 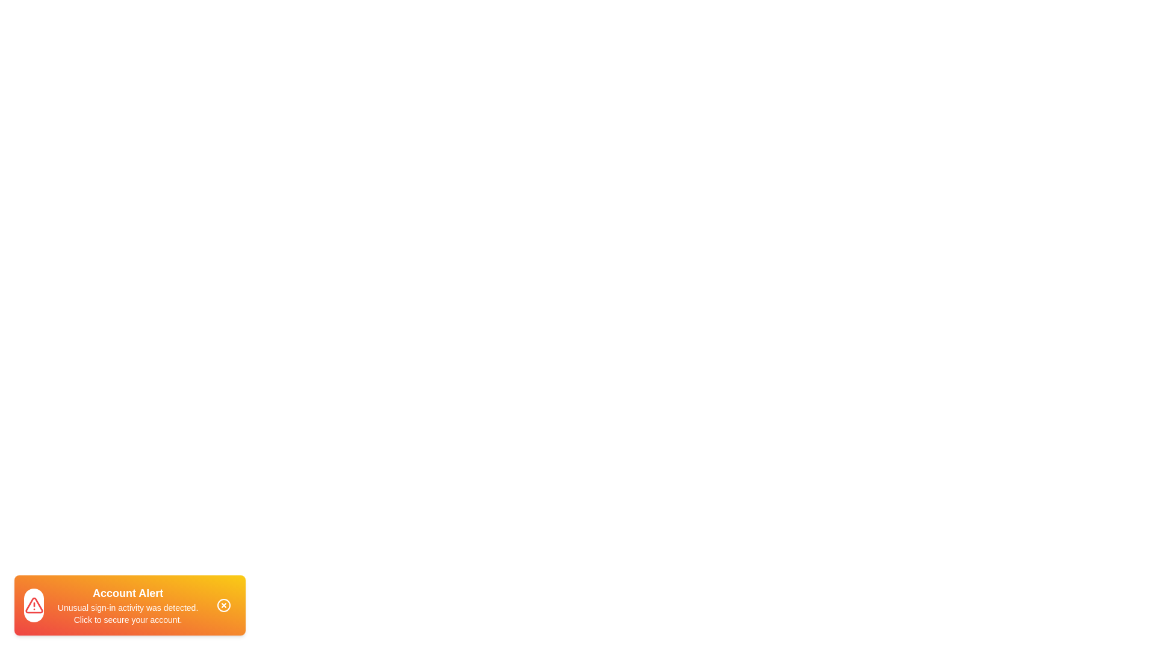 I want to click on the alert icon to observe its state, so click(x=34, y=605).